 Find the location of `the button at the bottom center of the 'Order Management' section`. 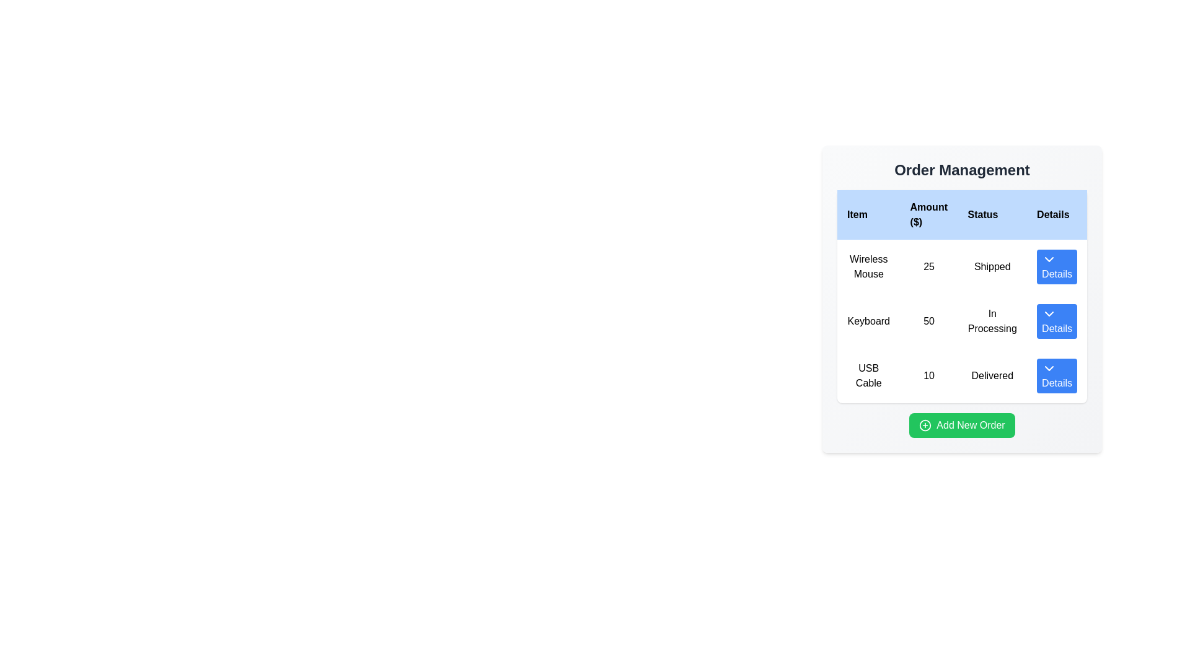

the button at the bottom center of the 'Order Management' section is located at coordinates (961, 424).